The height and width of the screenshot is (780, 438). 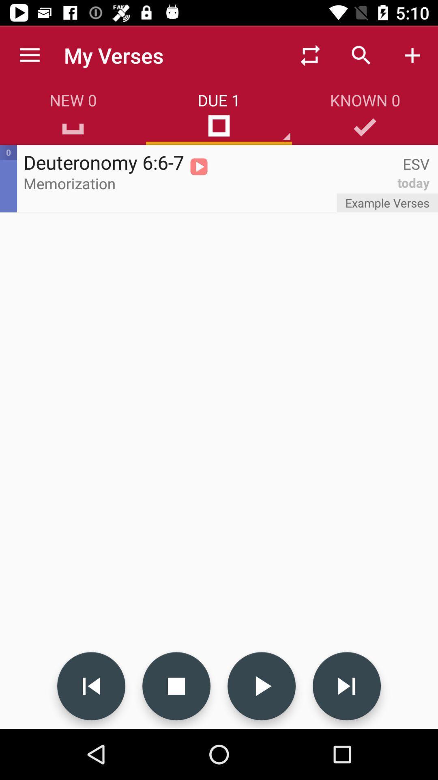 What do you see at coordinates (347, 686) in the screenshot?
I see `fast forward` at bounding box center [347, 686].